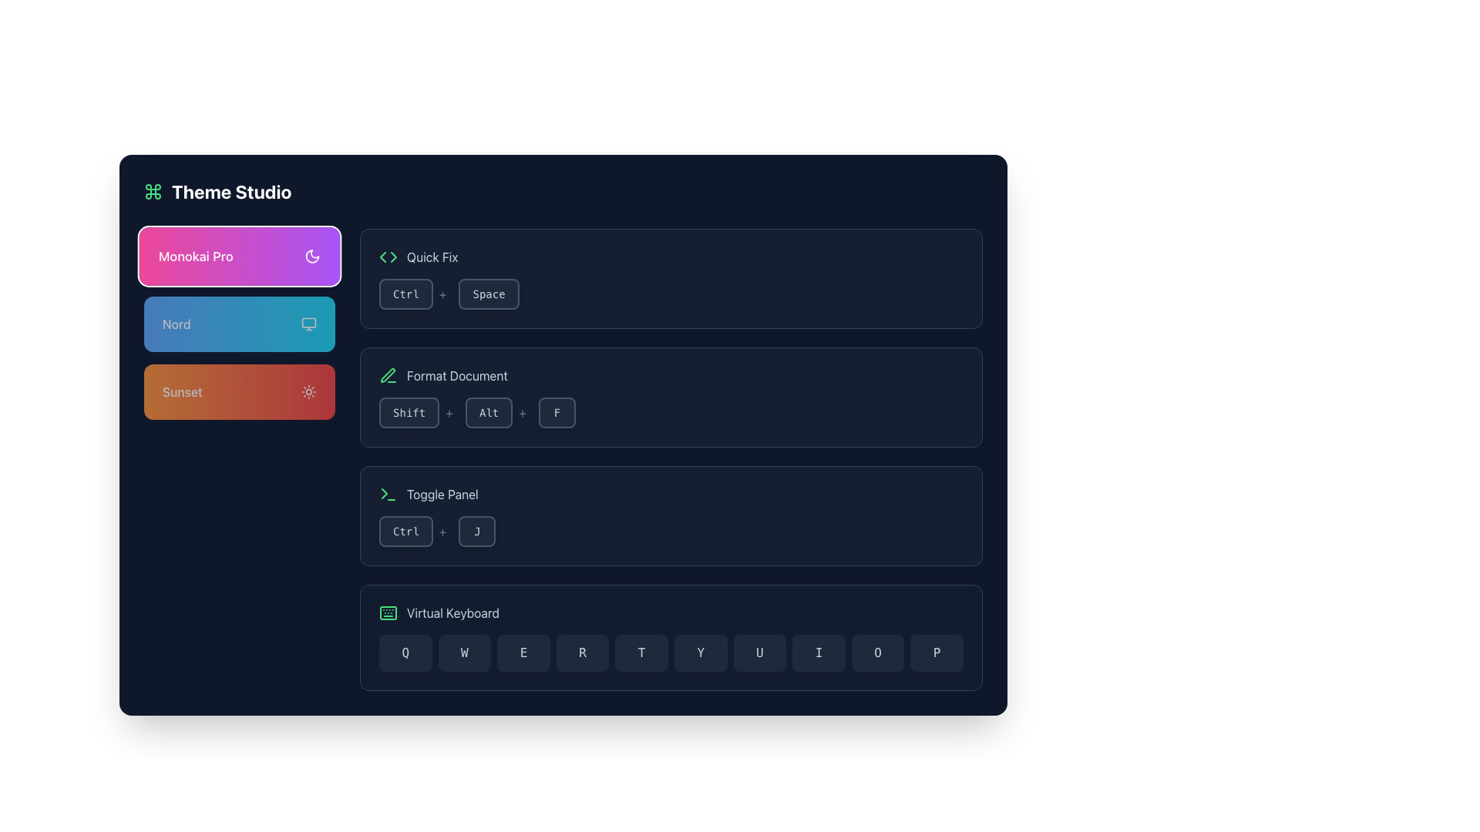 This screenshot has height=832, width=1480. I want to click on the text label that describes the virtual keyboard functionality, which is located to the right of the green keyboard icon in the bottom section of the interface, so click(452, 612).